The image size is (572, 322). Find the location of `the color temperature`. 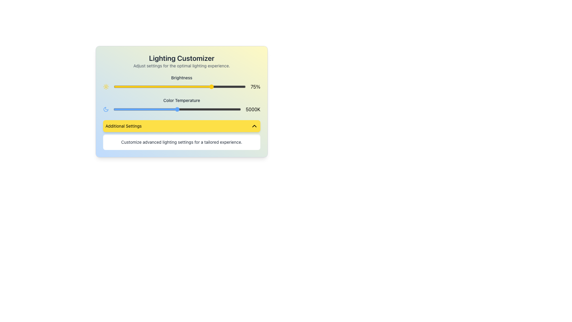

the color temperature is located at coordinates (178, 109).